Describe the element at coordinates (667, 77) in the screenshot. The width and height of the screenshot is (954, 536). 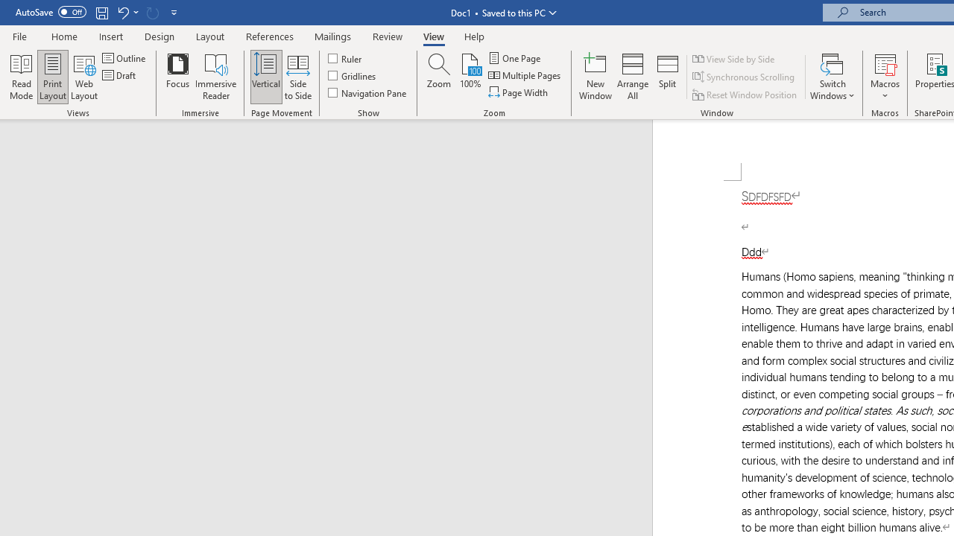
I see `'Split'` at that location.